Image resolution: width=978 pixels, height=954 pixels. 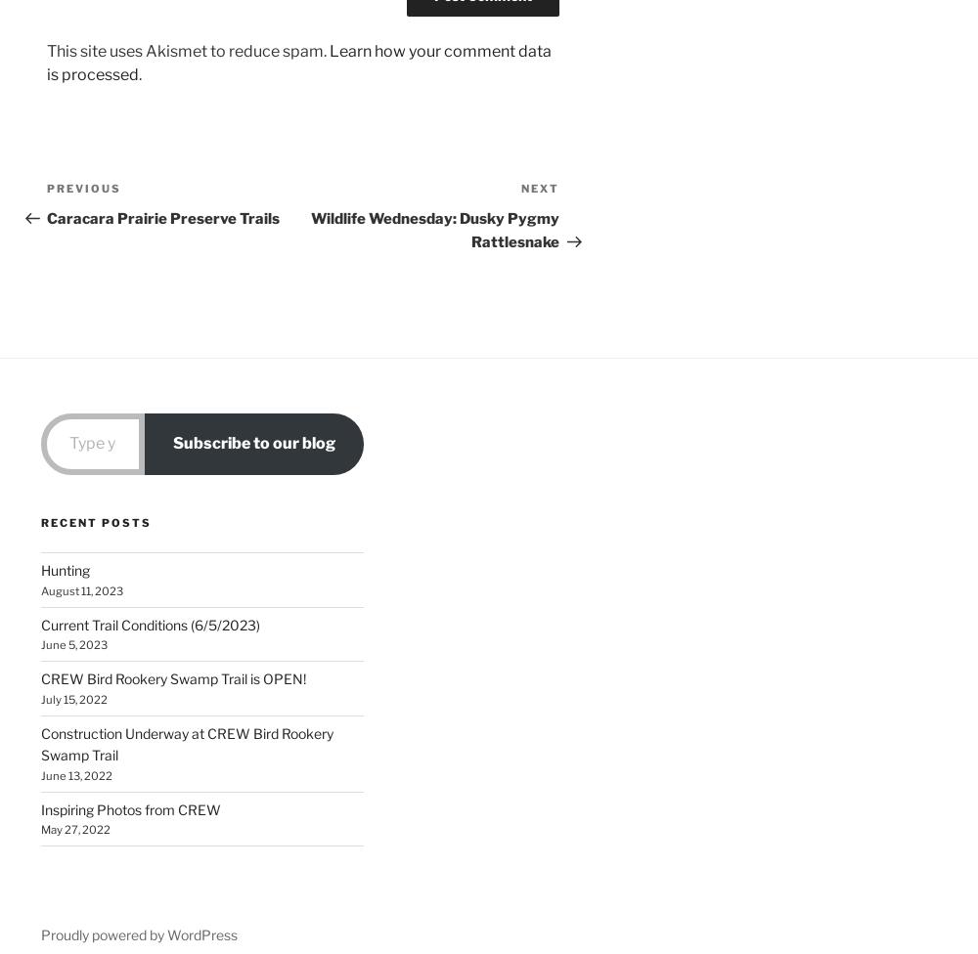 I want to click on 'Next', so click(x=540, y=186).